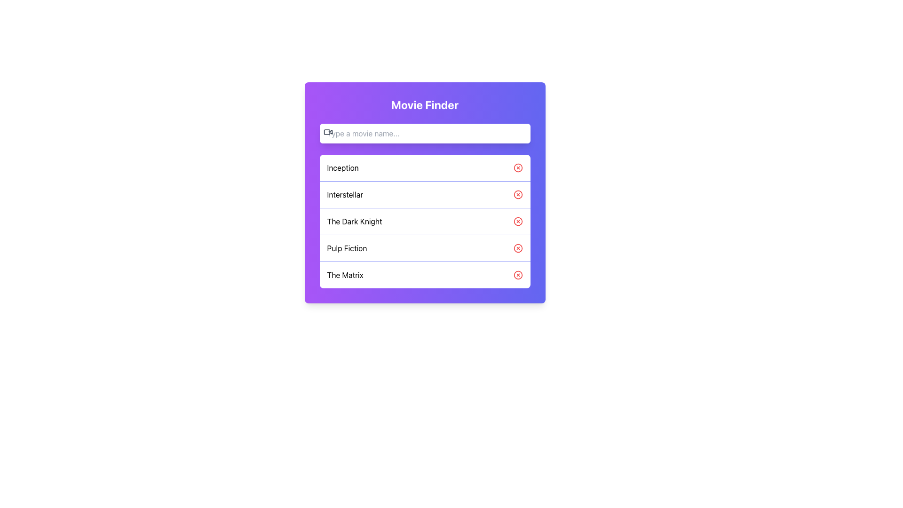  Describe the element at coordinates (517, 248) in the screenshot. I see `the dismiss (delete) action circle icon for the 'Pulp Fiction' entry in the Movie Finder dialog box` at that location.